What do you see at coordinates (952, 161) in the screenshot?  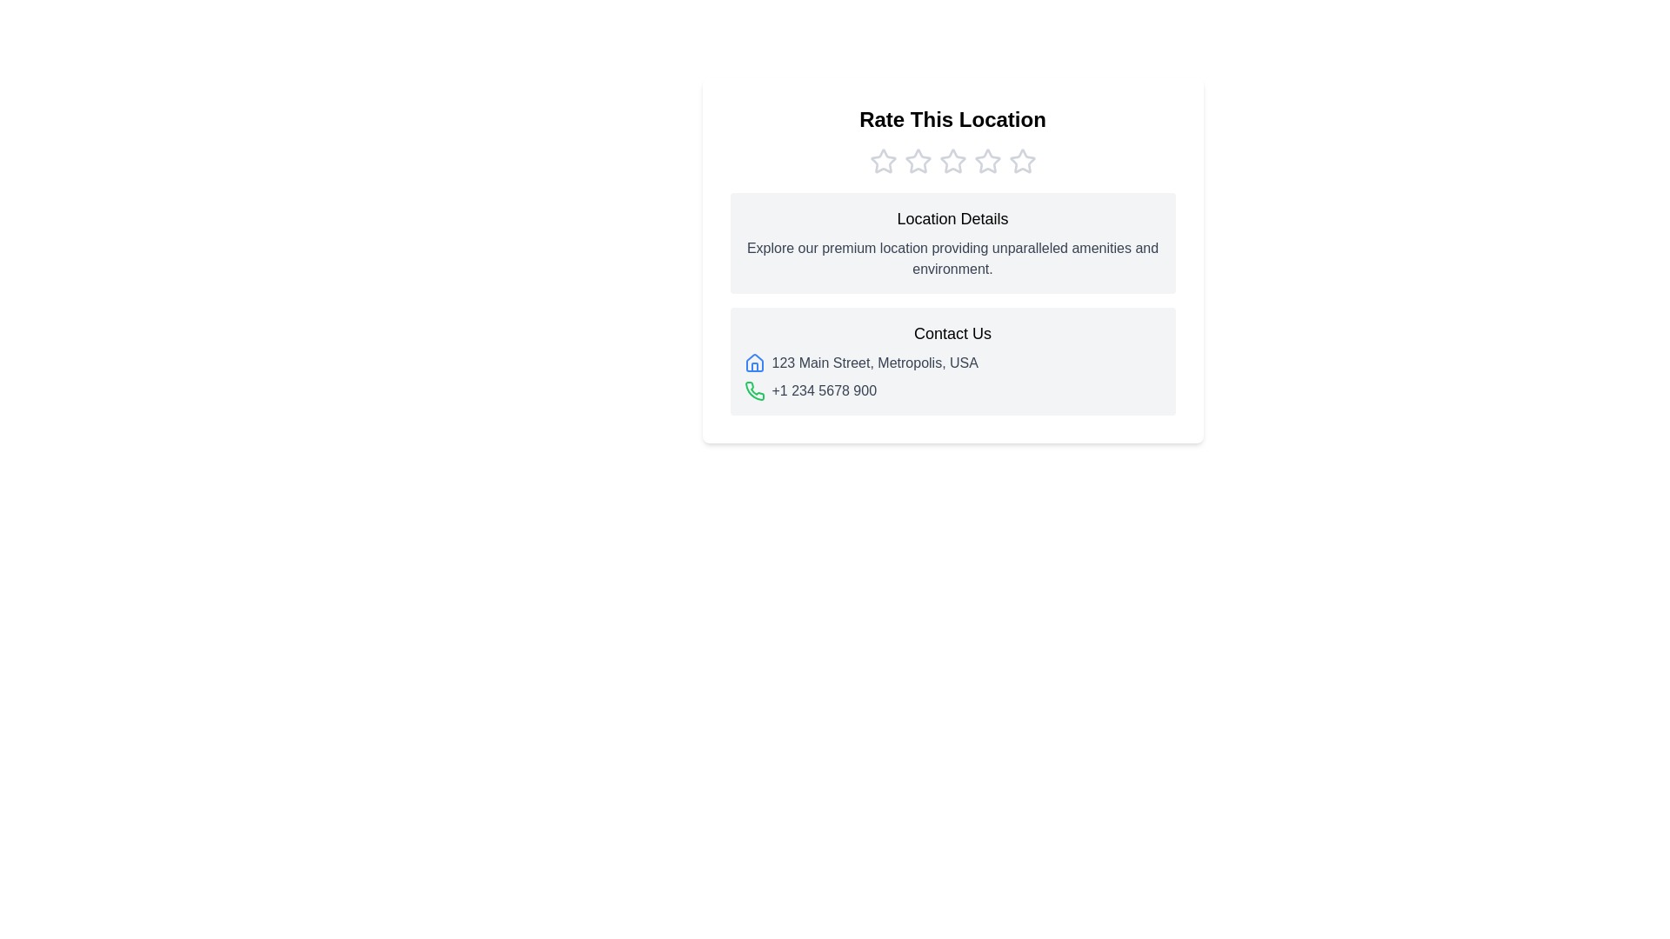 I see `the star icon of the Rating component located below 'Rate This Location'` at bounding box center [952, 161].